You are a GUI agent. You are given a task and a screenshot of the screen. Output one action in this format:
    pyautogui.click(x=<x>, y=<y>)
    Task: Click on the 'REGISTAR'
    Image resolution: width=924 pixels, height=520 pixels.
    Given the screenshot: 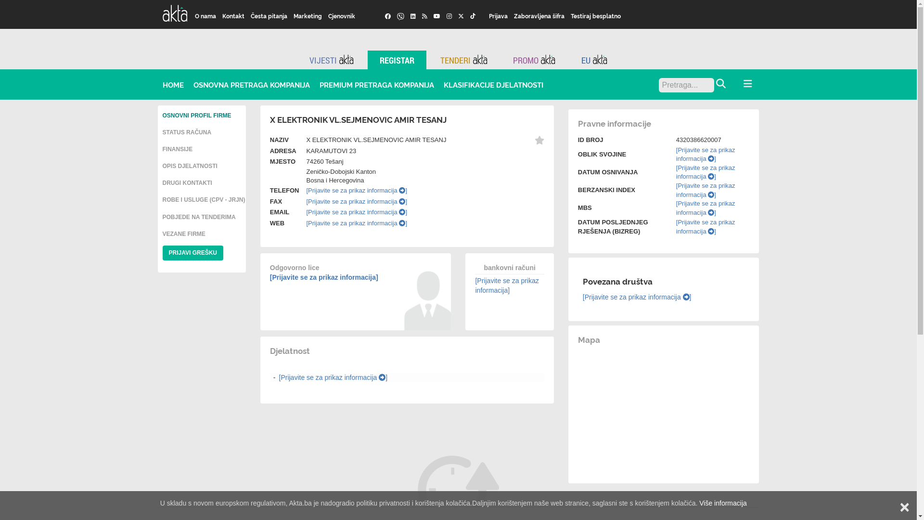 What is the action you would take?
    pyautogui.click(x=397, y=60)
    